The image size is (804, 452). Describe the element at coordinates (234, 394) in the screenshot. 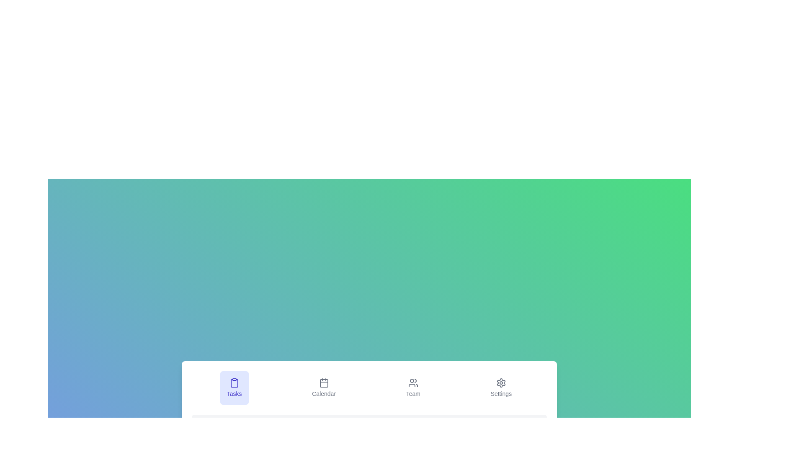

I see `the 'Tasks' text label element located in the navigation bar below the clipboard icon` at that location.